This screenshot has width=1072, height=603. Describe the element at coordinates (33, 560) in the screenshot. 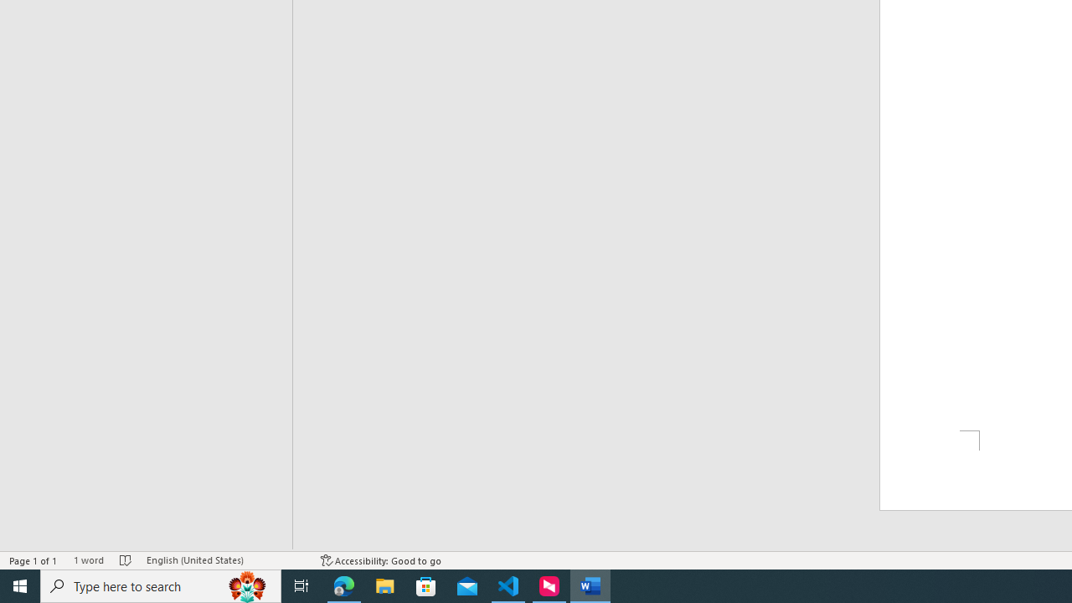

I see `'Page Number Page 1 of 1'` at that location.